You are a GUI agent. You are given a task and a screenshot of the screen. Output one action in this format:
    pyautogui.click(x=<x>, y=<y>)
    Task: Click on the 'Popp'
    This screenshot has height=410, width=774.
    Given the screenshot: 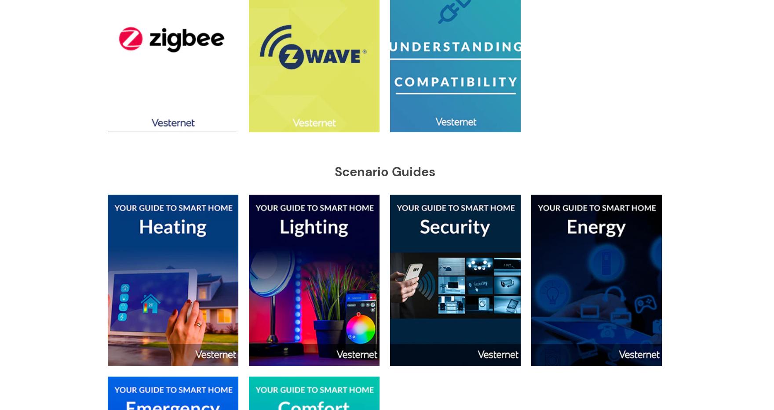 What is the action you would take?
    pyautogui.click(x=341, y=185)
    